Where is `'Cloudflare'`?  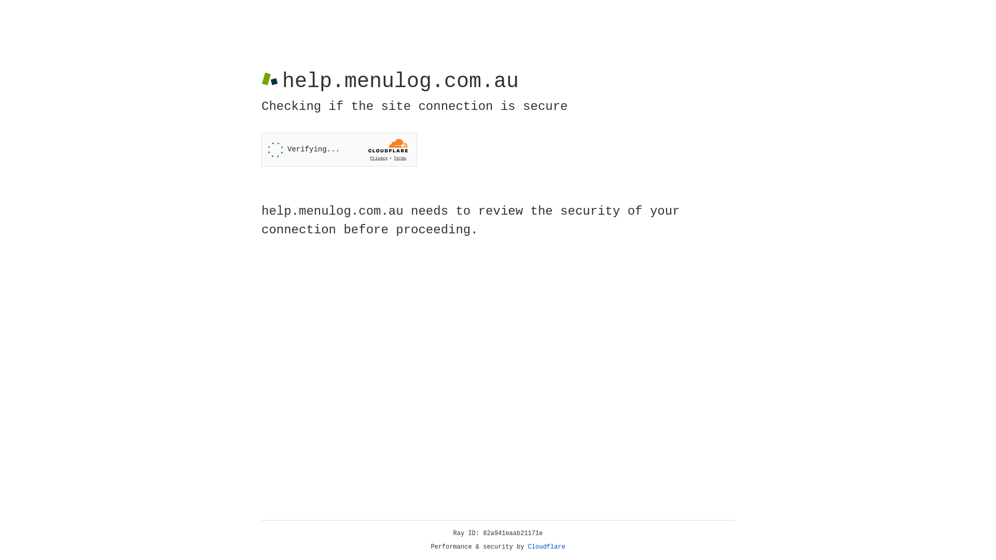
'Cloudflare' is located at coordinates (546, 547).